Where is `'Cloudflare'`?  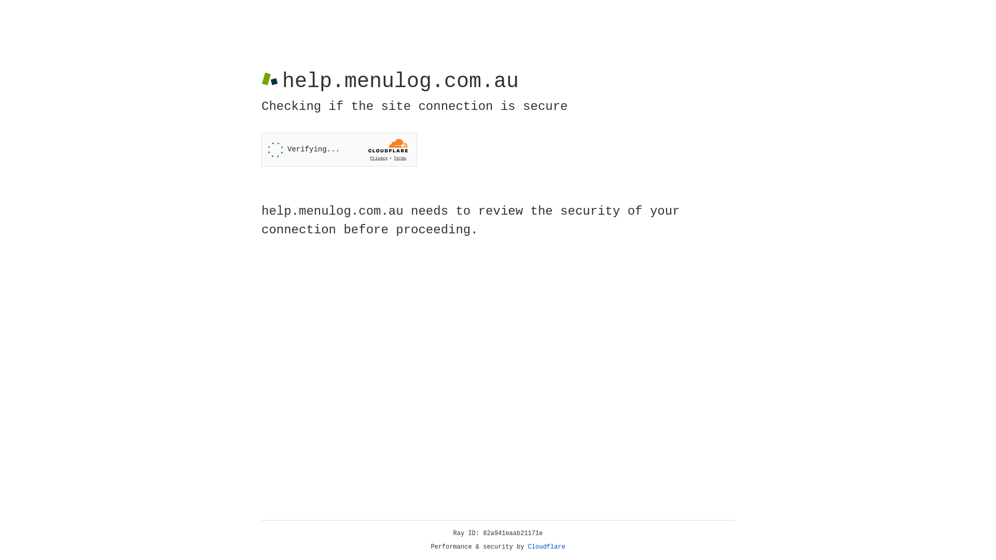
'Cloudflare' is located at coordinates (546, 547).